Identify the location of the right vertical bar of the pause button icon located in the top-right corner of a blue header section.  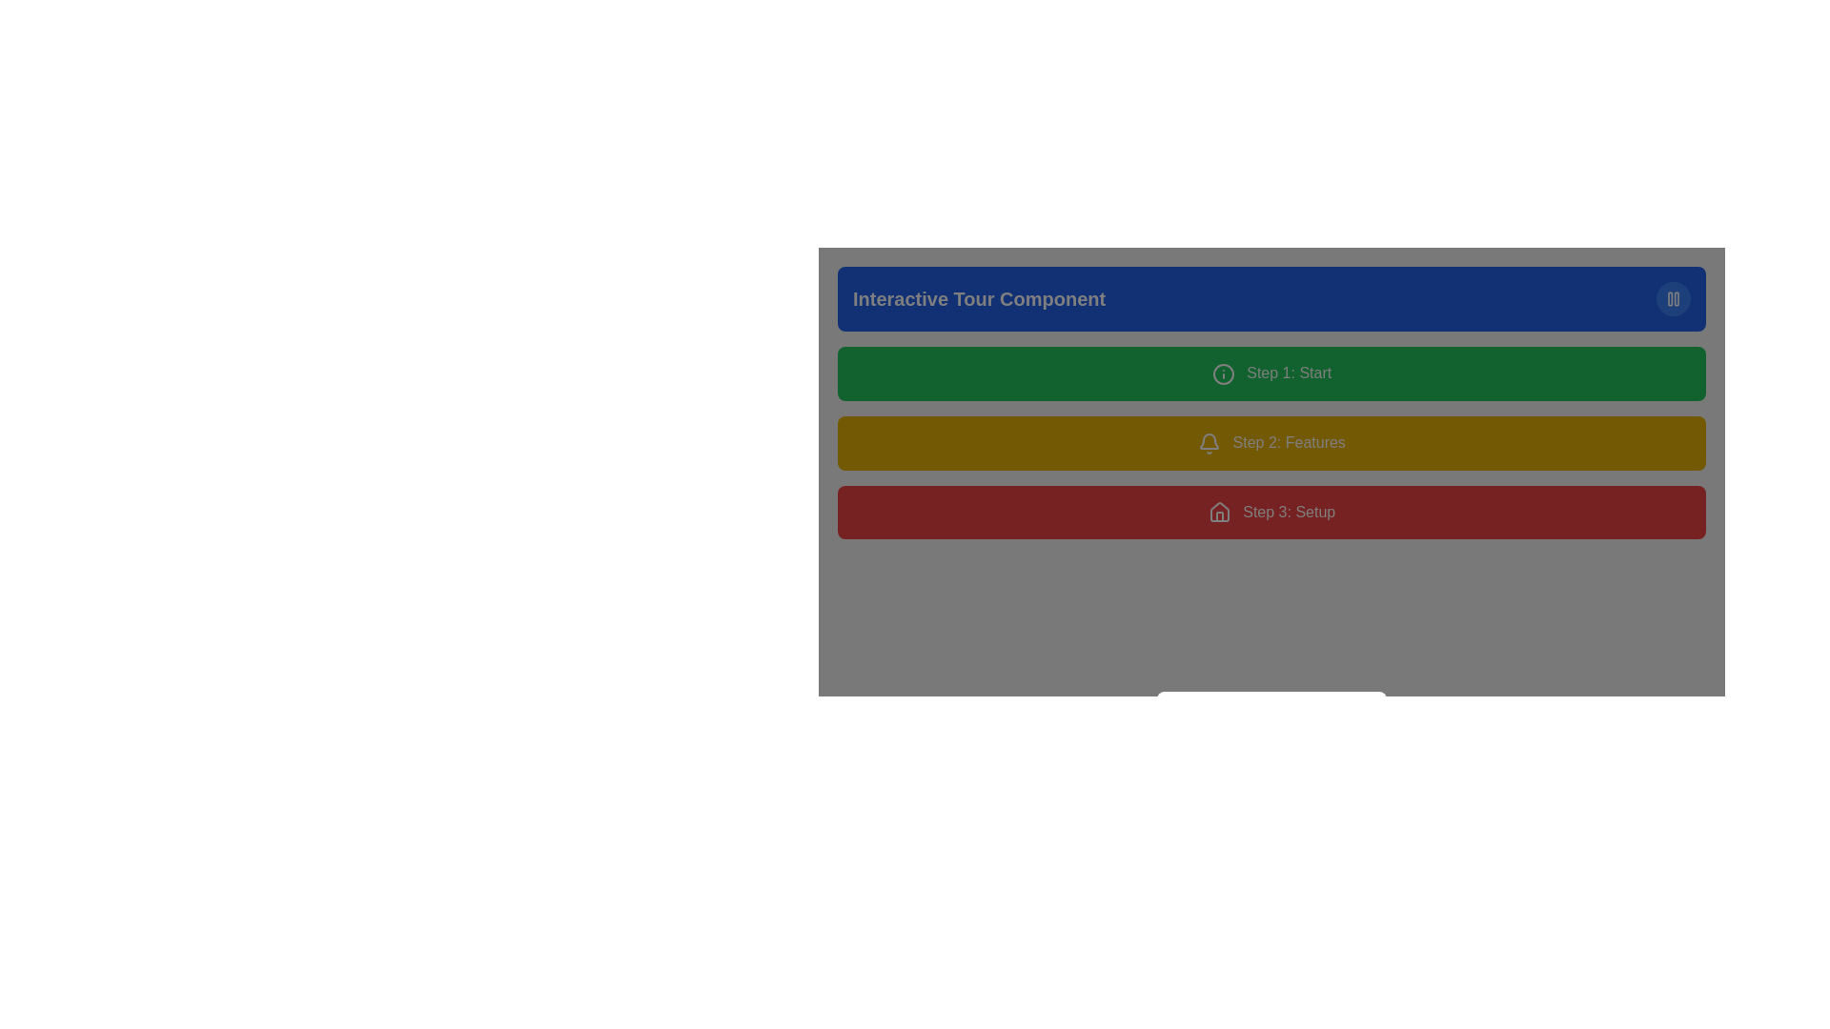
(1675, 298).